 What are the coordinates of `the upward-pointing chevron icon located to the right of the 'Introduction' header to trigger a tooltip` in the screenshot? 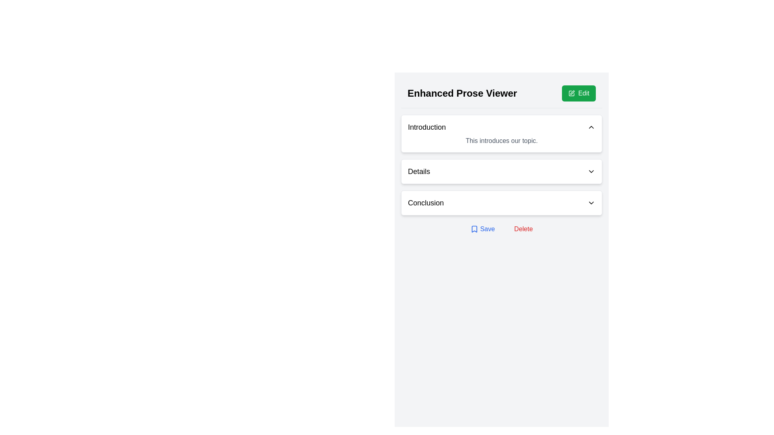 It's located at (591, 127).